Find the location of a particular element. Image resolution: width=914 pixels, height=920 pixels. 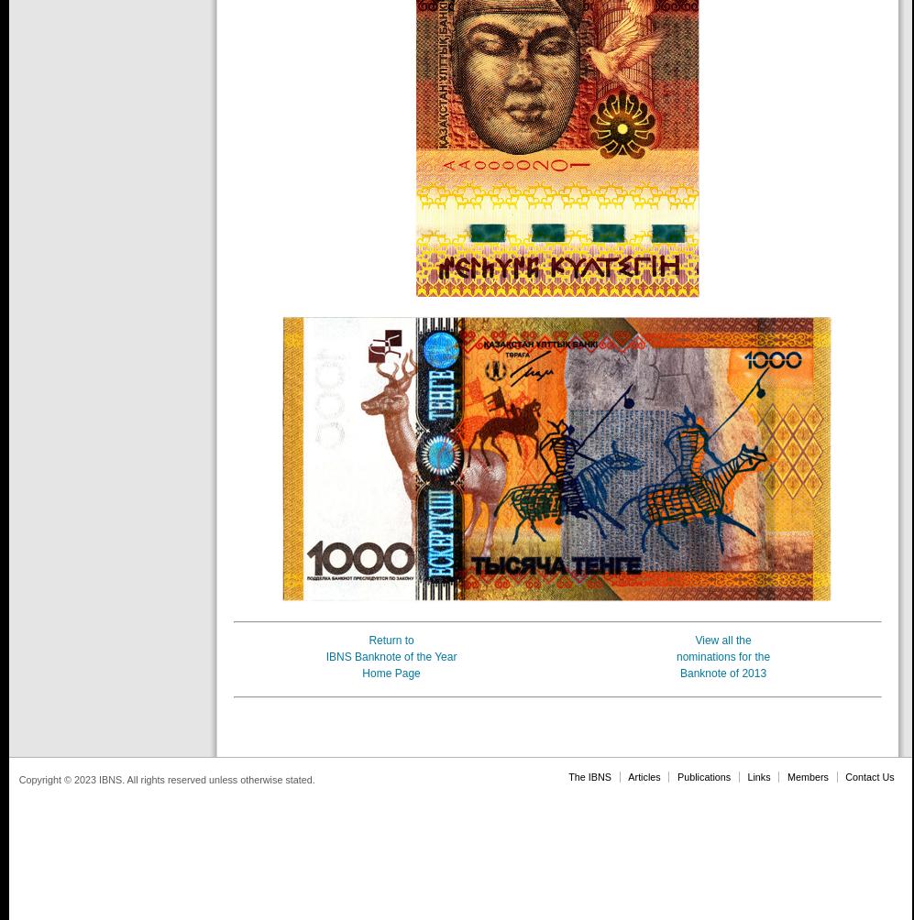

'Links' is located at coordinates (758, 775).